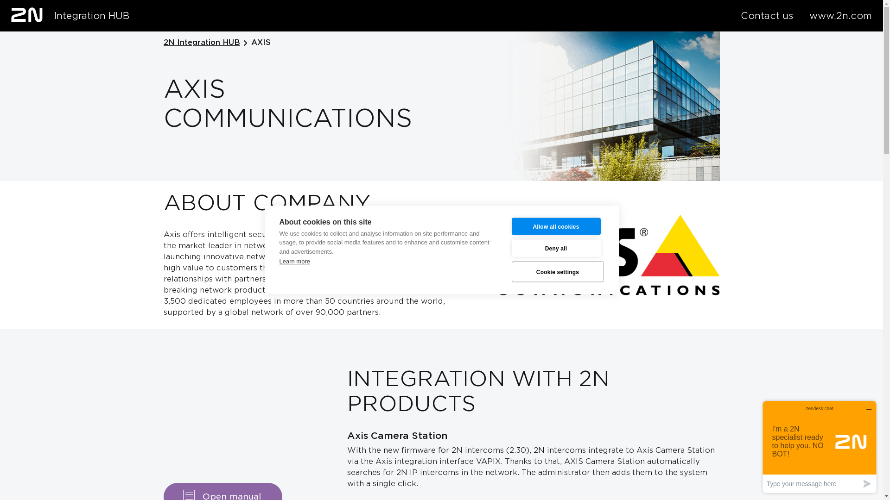  Describe the element at coordinates (556, 226) in the screenshot. I see `'Allow all cookies'` at that location.